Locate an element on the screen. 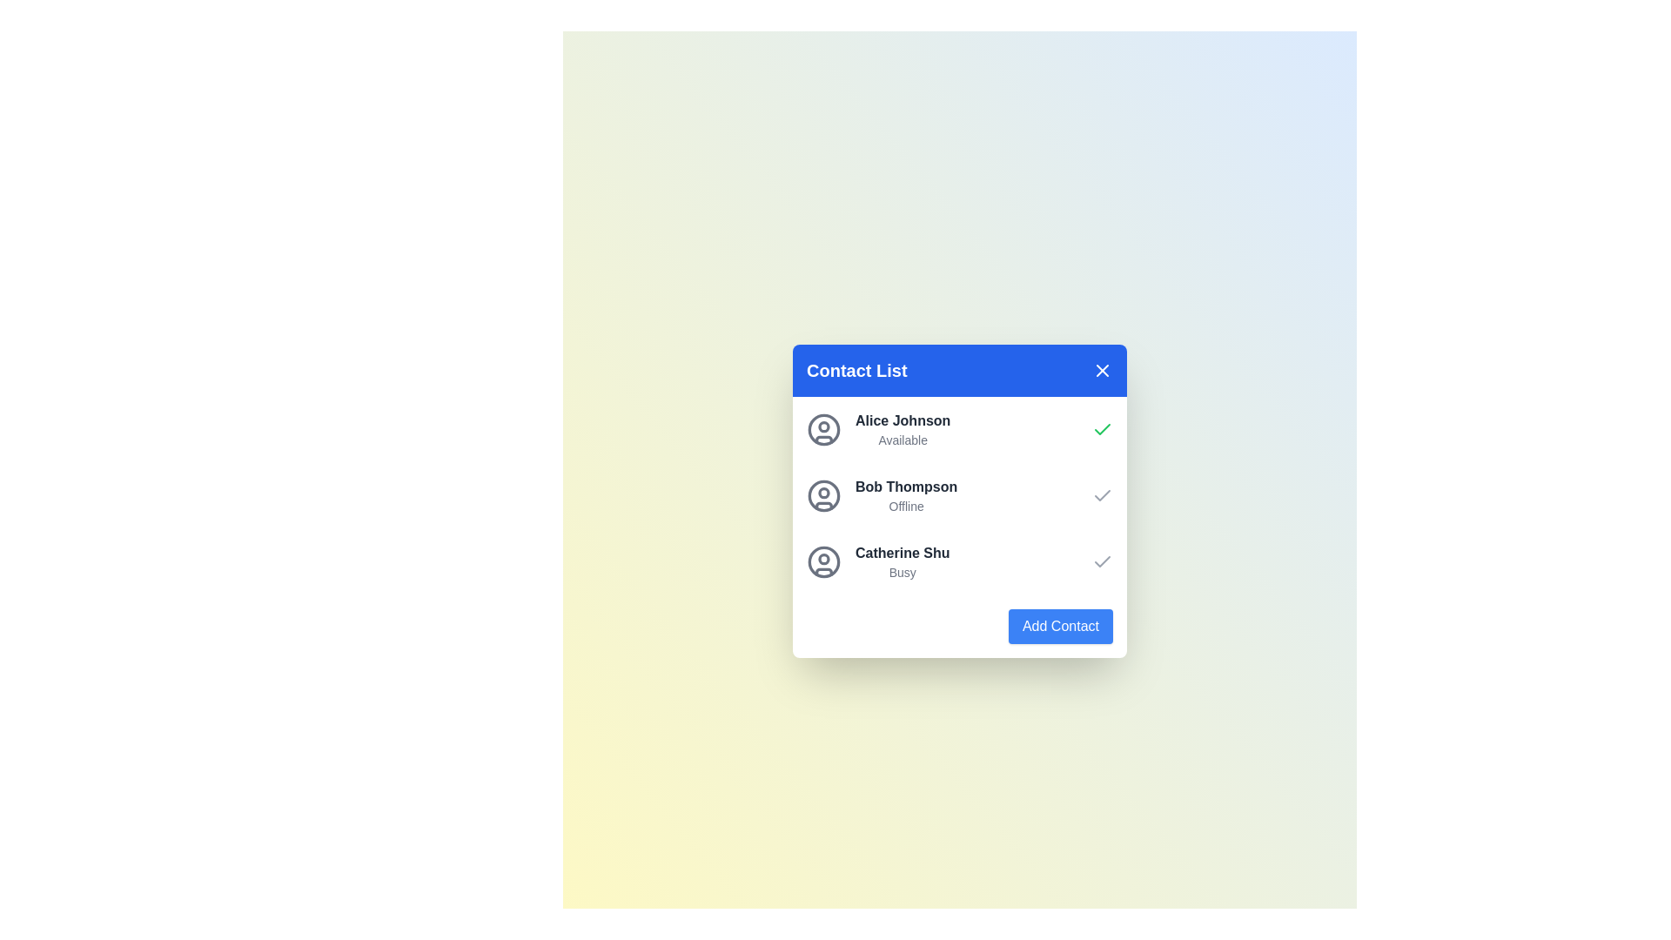 The width and height of the screenshot is (1671, 940). the contact item Bob Thompson to highlight it is located at coordinates (881, 496).